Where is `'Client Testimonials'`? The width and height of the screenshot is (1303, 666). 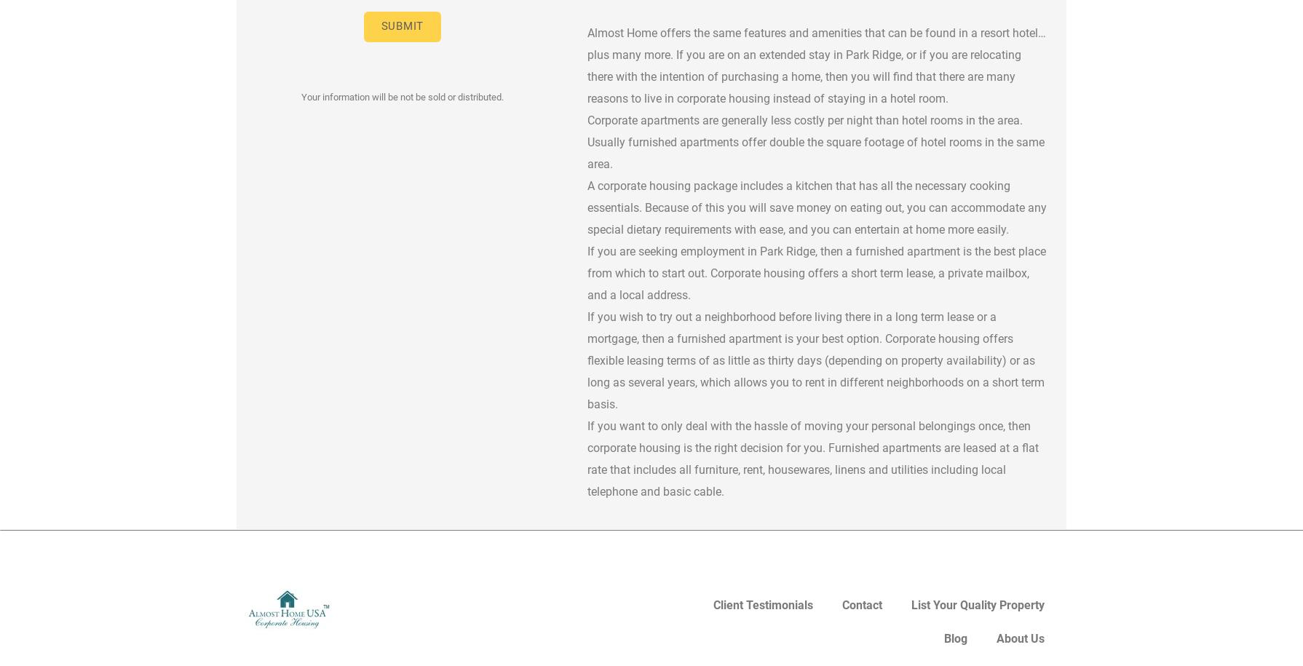 'Client Testimonials' is located at coordinates (713, 605).